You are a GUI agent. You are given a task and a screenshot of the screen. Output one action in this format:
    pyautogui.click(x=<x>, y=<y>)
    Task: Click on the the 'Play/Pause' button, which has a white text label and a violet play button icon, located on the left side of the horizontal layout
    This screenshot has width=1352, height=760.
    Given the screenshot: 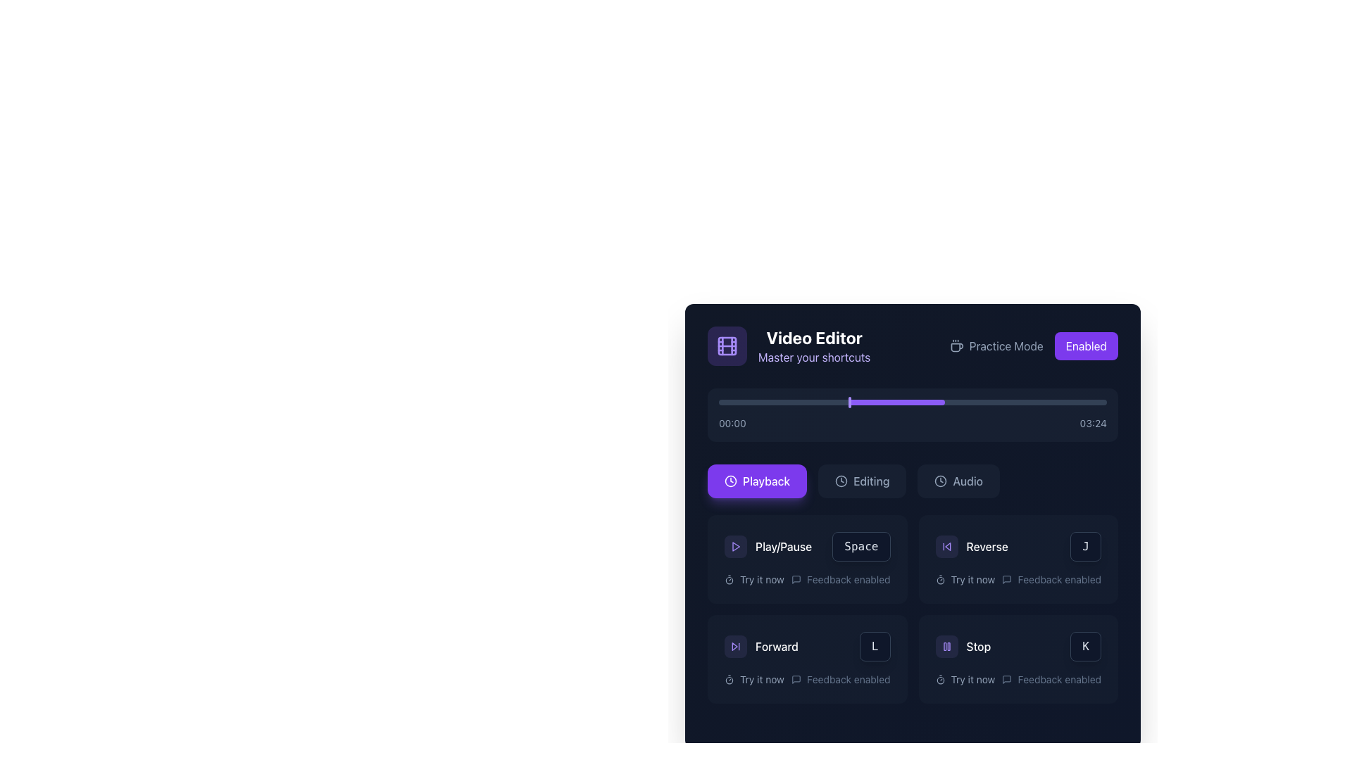 What is the action you would take?
    pyautogui.click(x=768, y=545)
    